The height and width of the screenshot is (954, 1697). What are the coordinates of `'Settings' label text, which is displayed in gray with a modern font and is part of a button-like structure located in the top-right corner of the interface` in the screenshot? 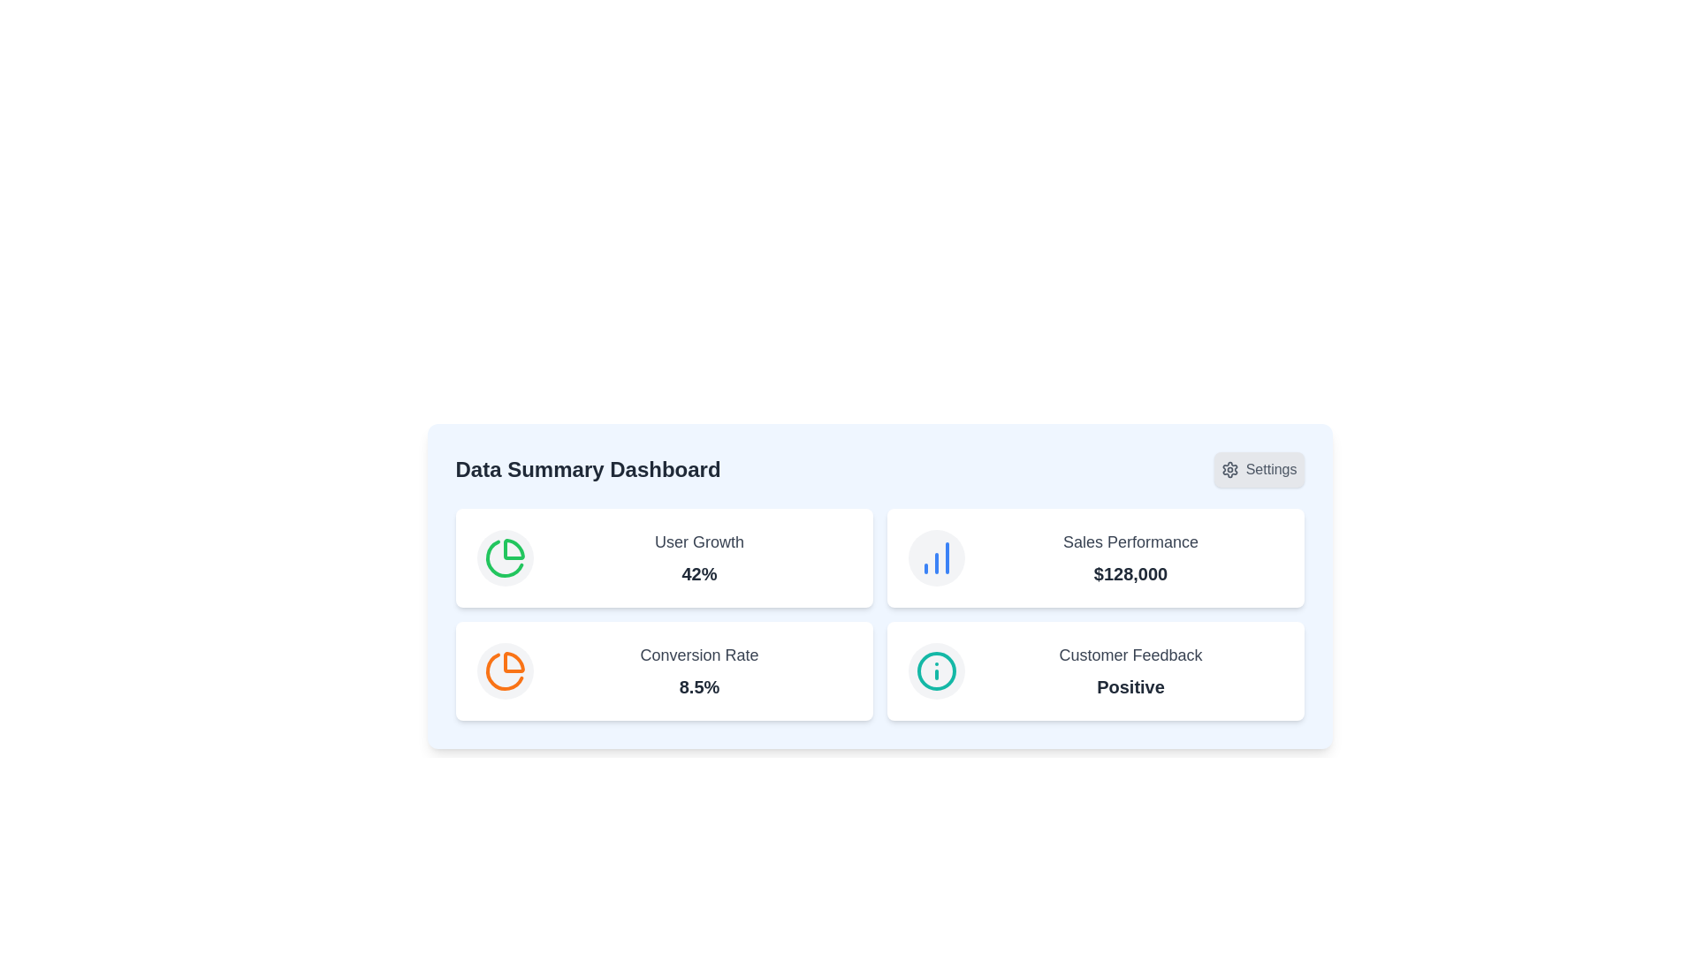 It's located at (1270, 469).